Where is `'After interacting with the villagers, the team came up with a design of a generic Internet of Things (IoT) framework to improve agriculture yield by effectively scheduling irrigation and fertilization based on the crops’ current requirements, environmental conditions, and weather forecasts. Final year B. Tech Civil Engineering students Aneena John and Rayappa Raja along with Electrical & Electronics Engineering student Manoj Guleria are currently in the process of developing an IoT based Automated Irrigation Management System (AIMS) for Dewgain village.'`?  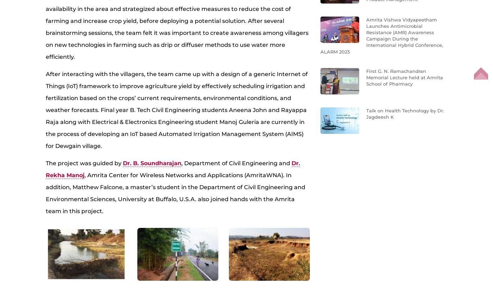
'After interacting with the villagers, the team came up with a design of a generic Internet of Things (IoT) framework to improve agriculture yield by effectively scheduling irrigation and fertilization based on the crops’ current requirements, environmental conditions, and weather forecasts. Final year B. Tech Civil Engineering students Aneena John and Rayappa Raja along with Electrical & Electronics Engineering student Manoj Guleria are currently in the process of developing an IoT based Automated Irrigation Management System (AIMS) for Dewgain village.' is located at coordinates (46, 110).